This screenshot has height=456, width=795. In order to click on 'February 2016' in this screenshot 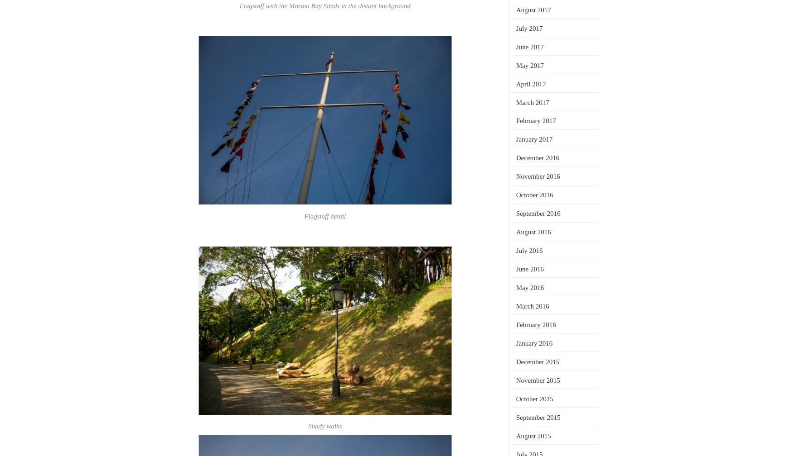, I will do `click(535, 324)`.